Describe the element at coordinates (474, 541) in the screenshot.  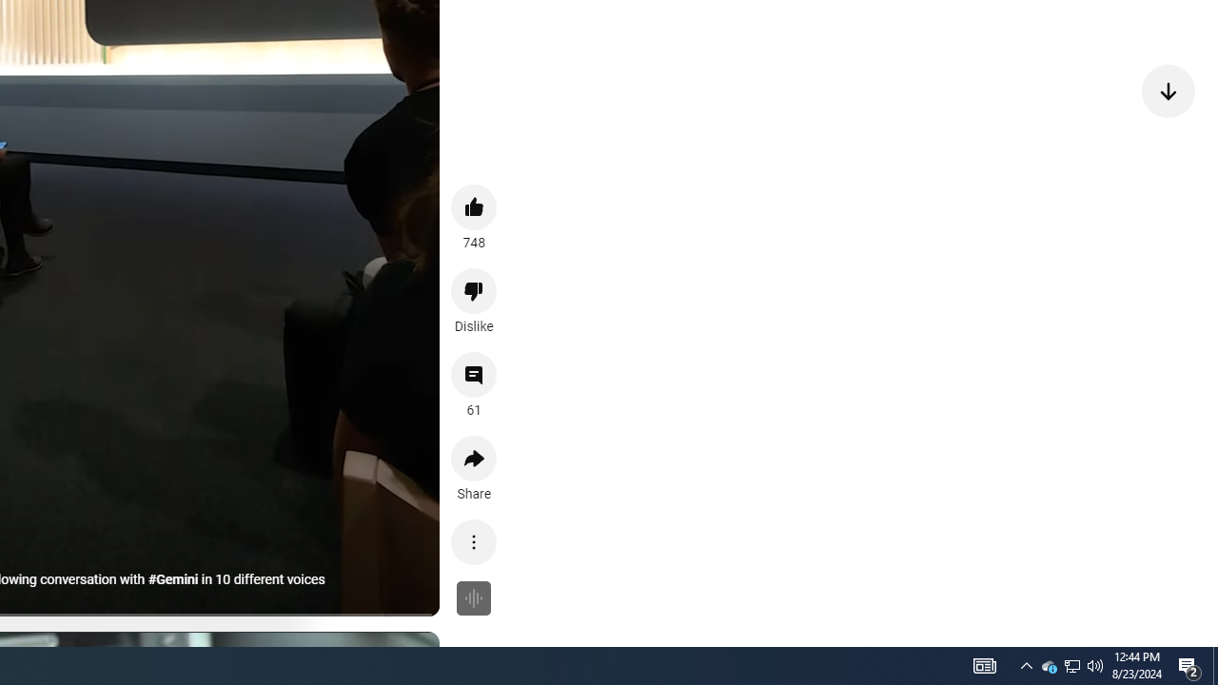
I see `'More actions'` at that location.